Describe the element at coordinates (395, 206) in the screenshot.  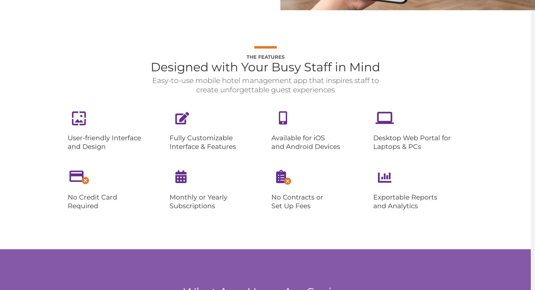
I see `'and Analytics'` at that location.